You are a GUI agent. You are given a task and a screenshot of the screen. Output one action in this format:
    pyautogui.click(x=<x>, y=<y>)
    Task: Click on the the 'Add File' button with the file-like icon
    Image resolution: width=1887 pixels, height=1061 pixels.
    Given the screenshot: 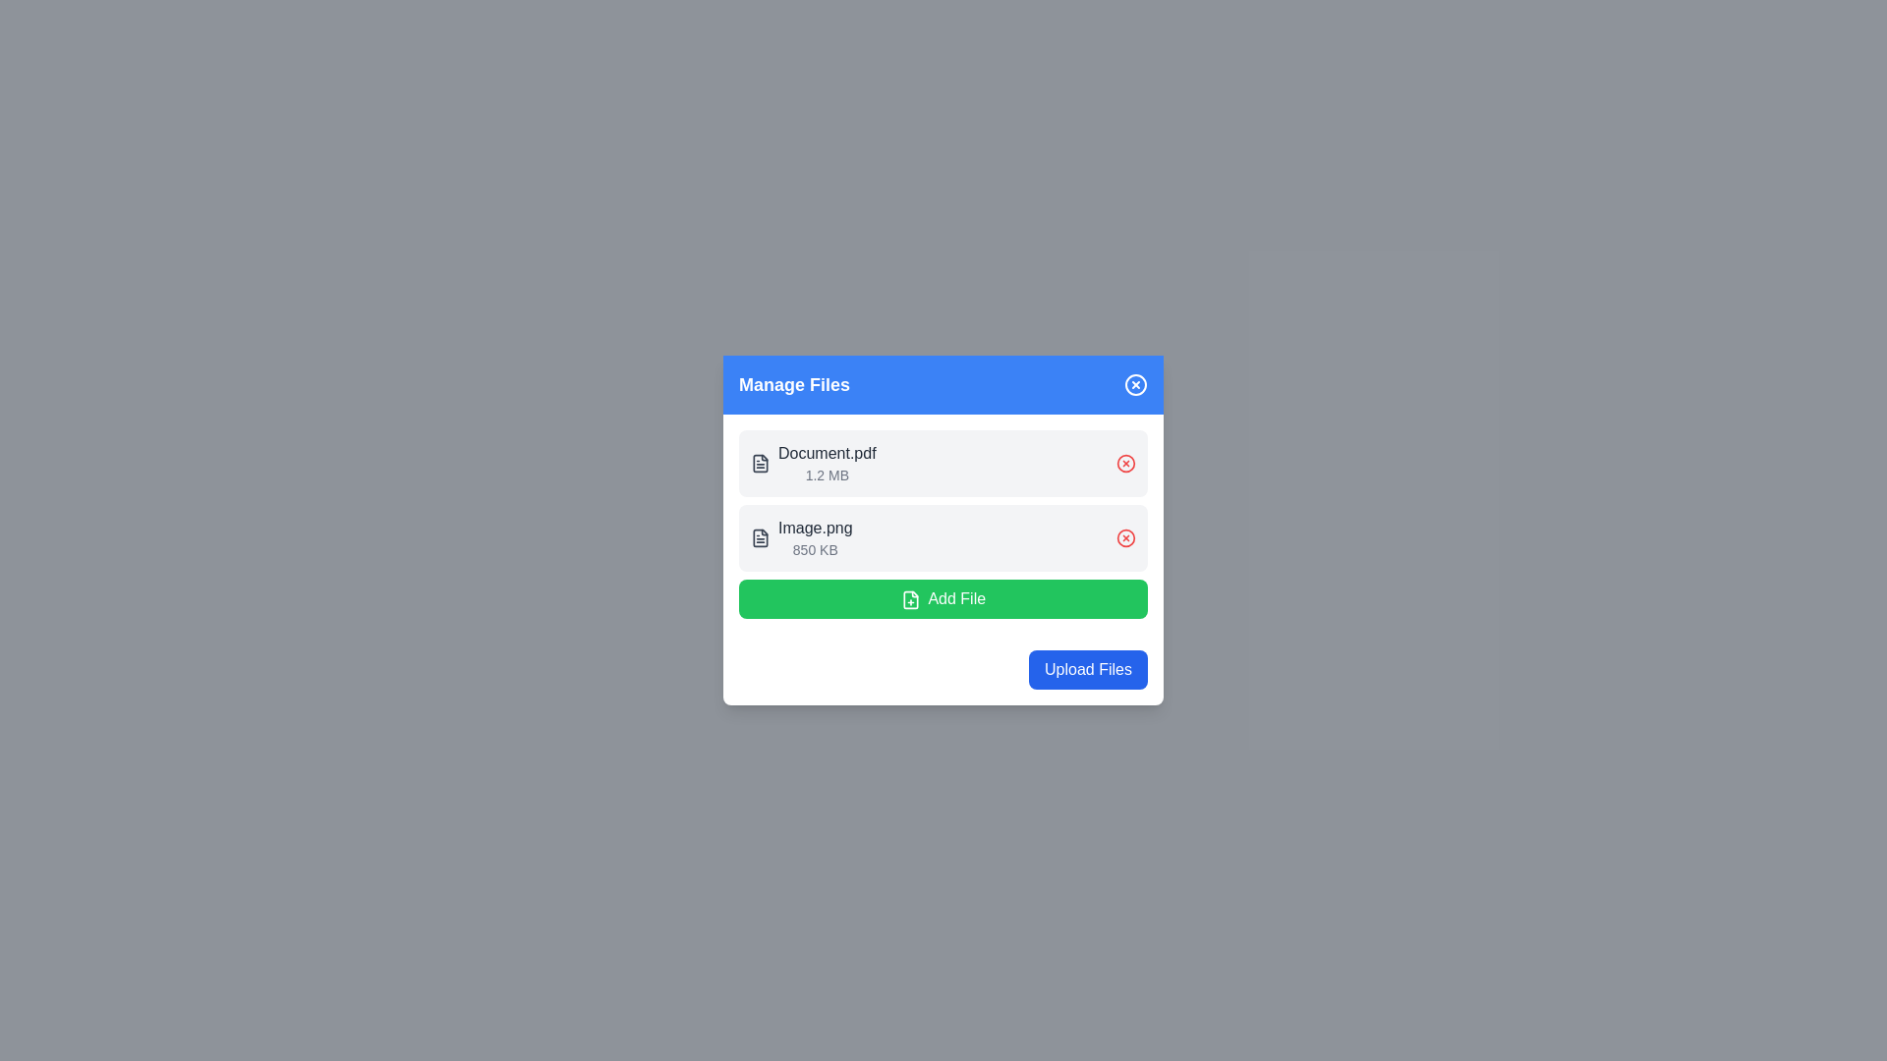 What is the action you would take?
    pyautogui.click(x=909, y=598)
    